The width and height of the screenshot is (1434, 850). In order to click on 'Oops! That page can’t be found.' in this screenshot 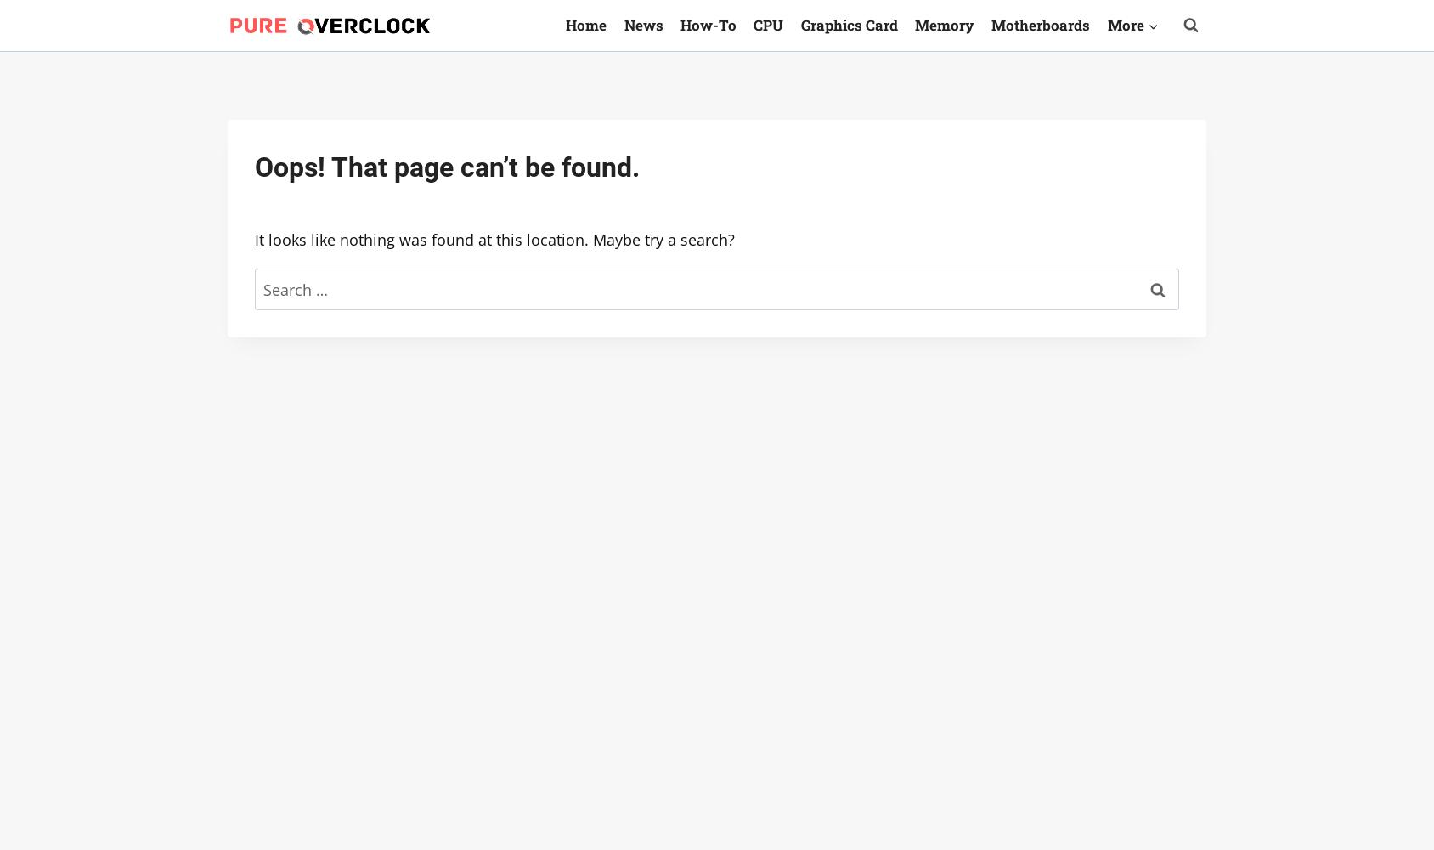, I will do `click(446, 167)`.